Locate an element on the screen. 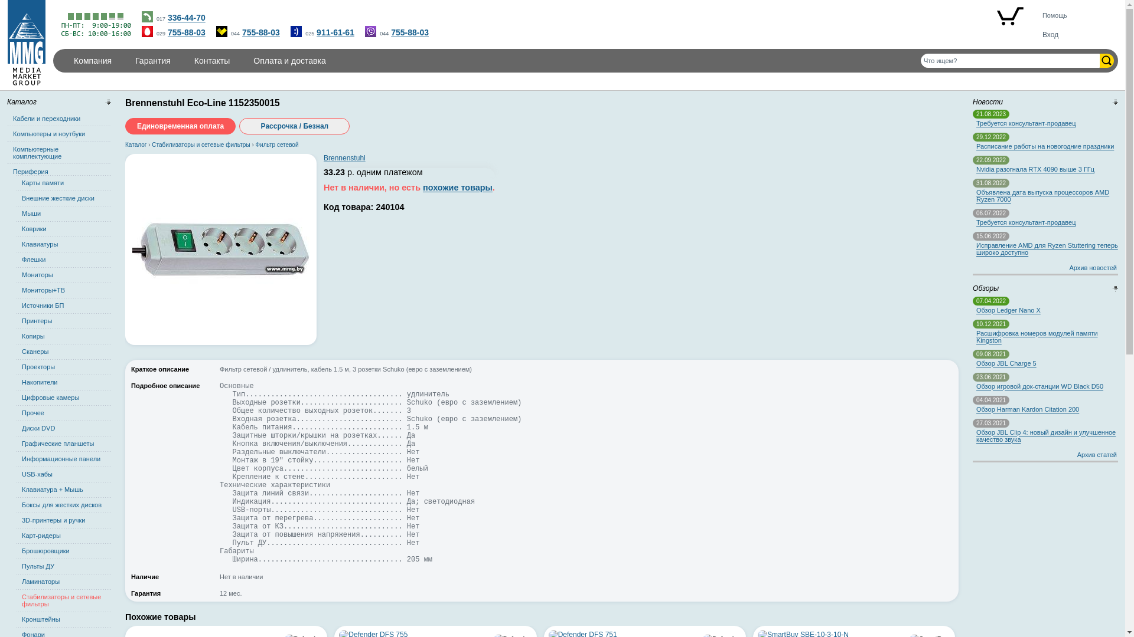  'Brennenstuhl' is located at coordinates (344, 157).